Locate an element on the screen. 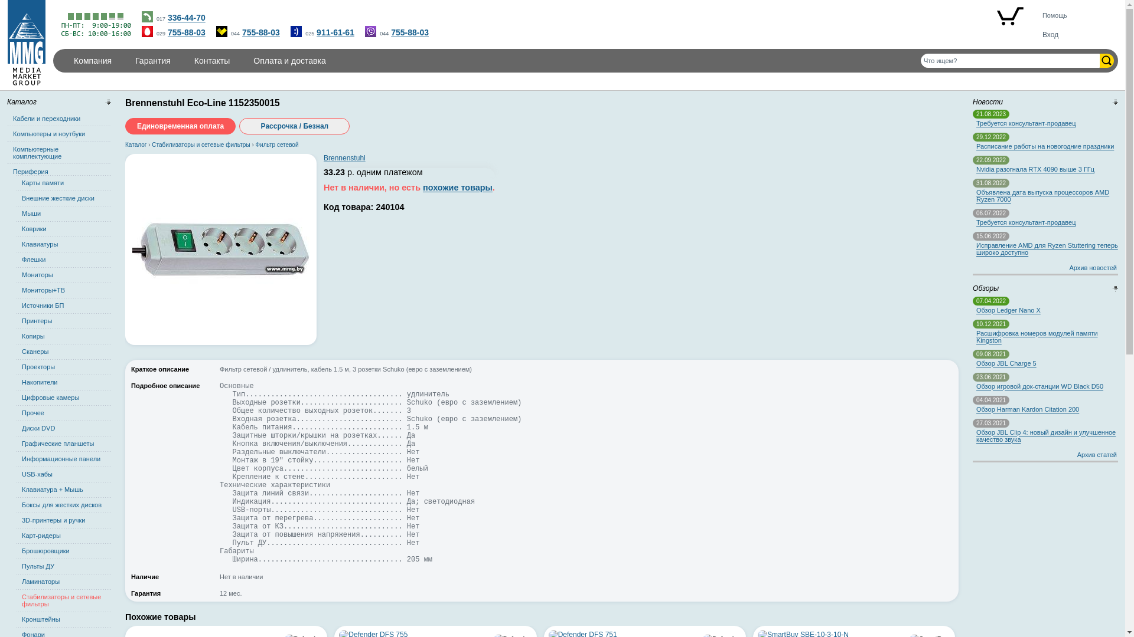  'Brennenstuhl' is located at coordinates (344, 157).